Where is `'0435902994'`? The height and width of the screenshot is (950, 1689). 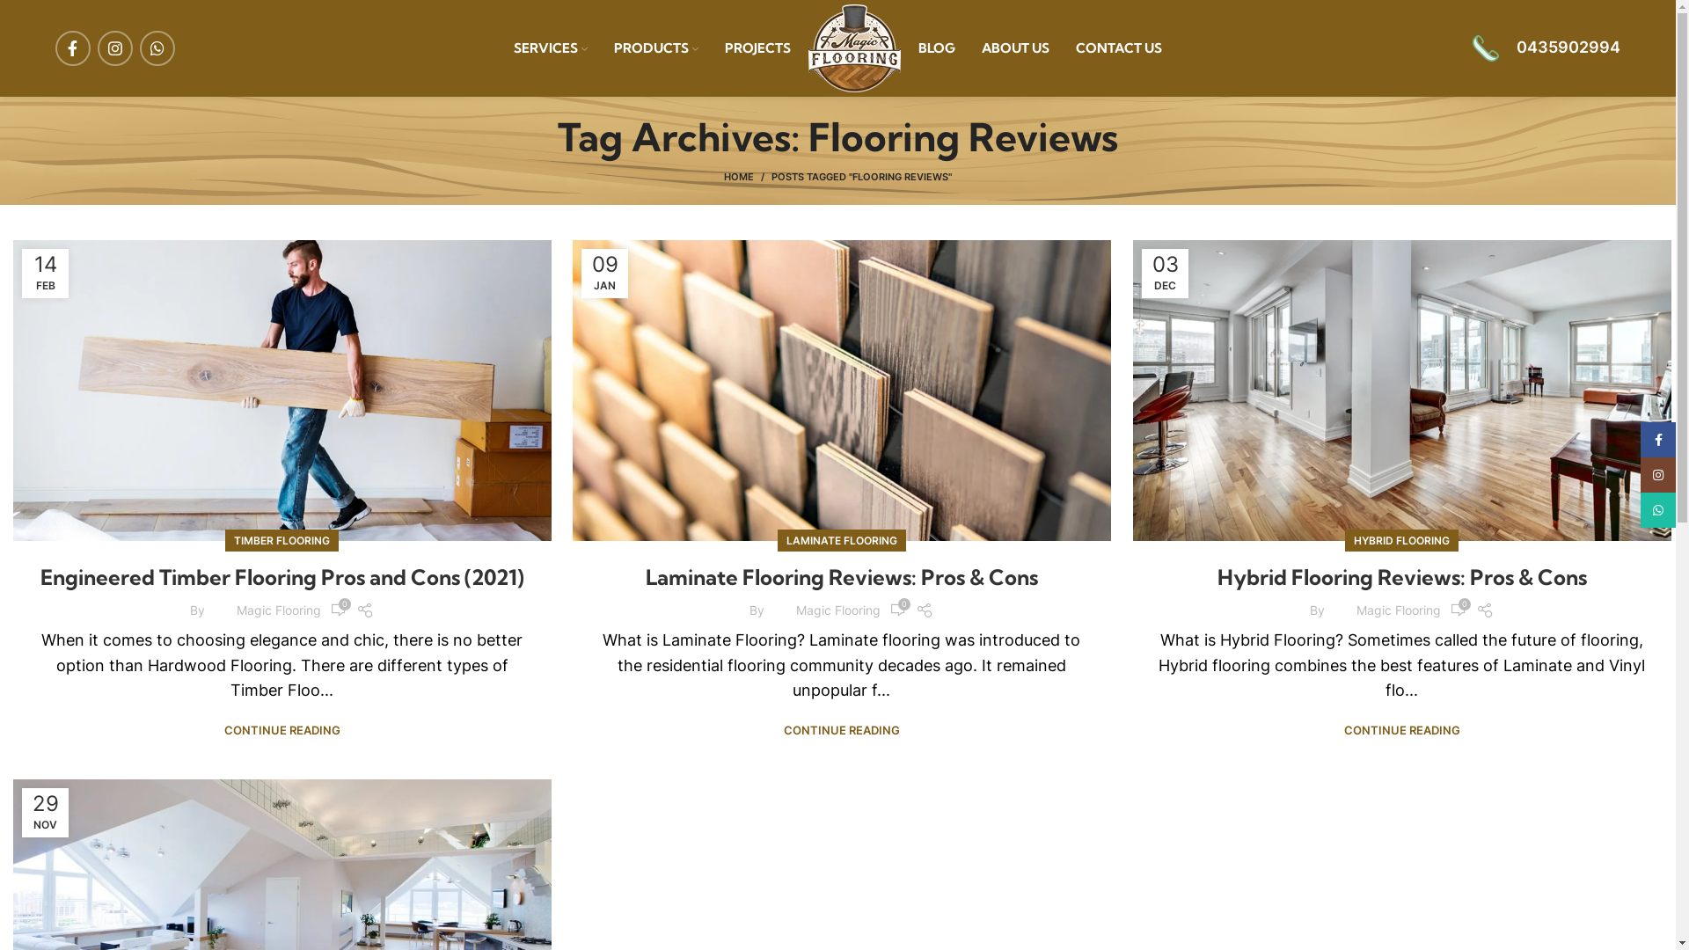 '0435902994' is located at coordinates (1545, 47).